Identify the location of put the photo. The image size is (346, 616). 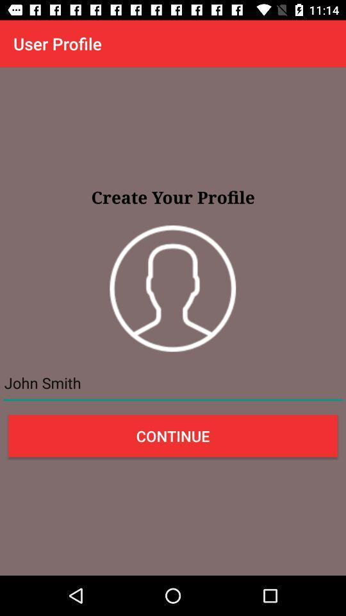
(172, 288).